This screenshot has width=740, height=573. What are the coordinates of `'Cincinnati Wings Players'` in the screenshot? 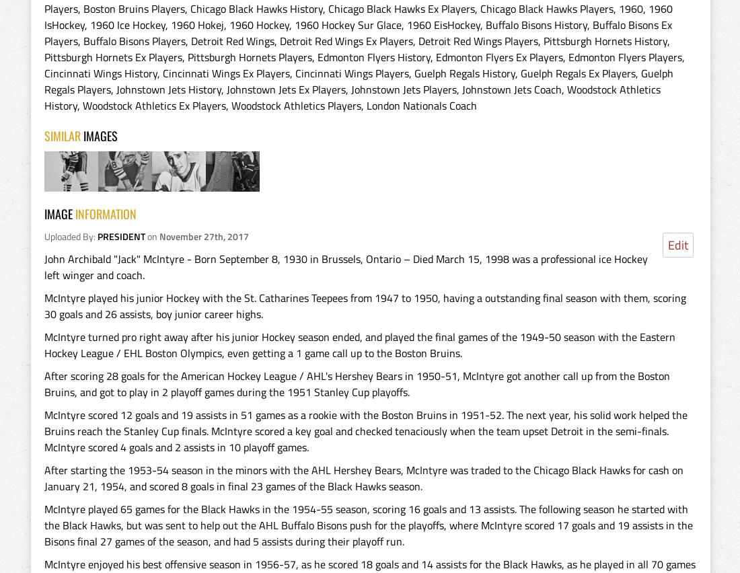 It's located at (352, 73).